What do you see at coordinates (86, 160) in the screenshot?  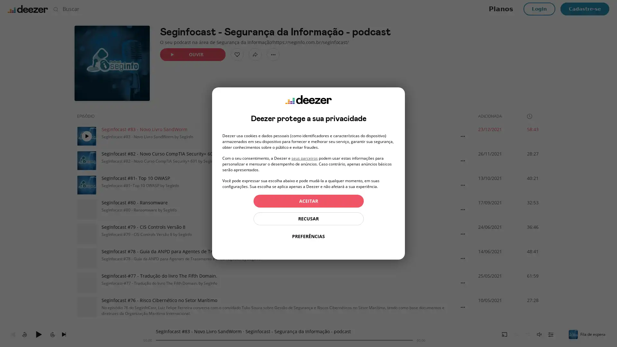 I see `Tocar SegInfocast #82 - Novo Curso CompTIA Security+ 601 por Seginfocast - Seguranca da Informacao - podcast` at bounding box center [86, 160].